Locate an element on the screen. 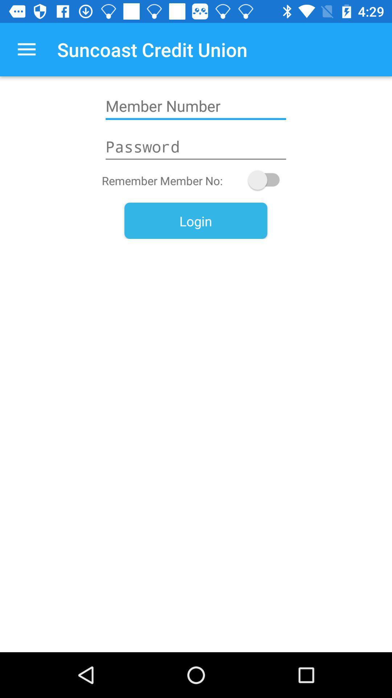 This screenshot has height=698, width=392. remember member number toggle is located at coordinates (267, 180).